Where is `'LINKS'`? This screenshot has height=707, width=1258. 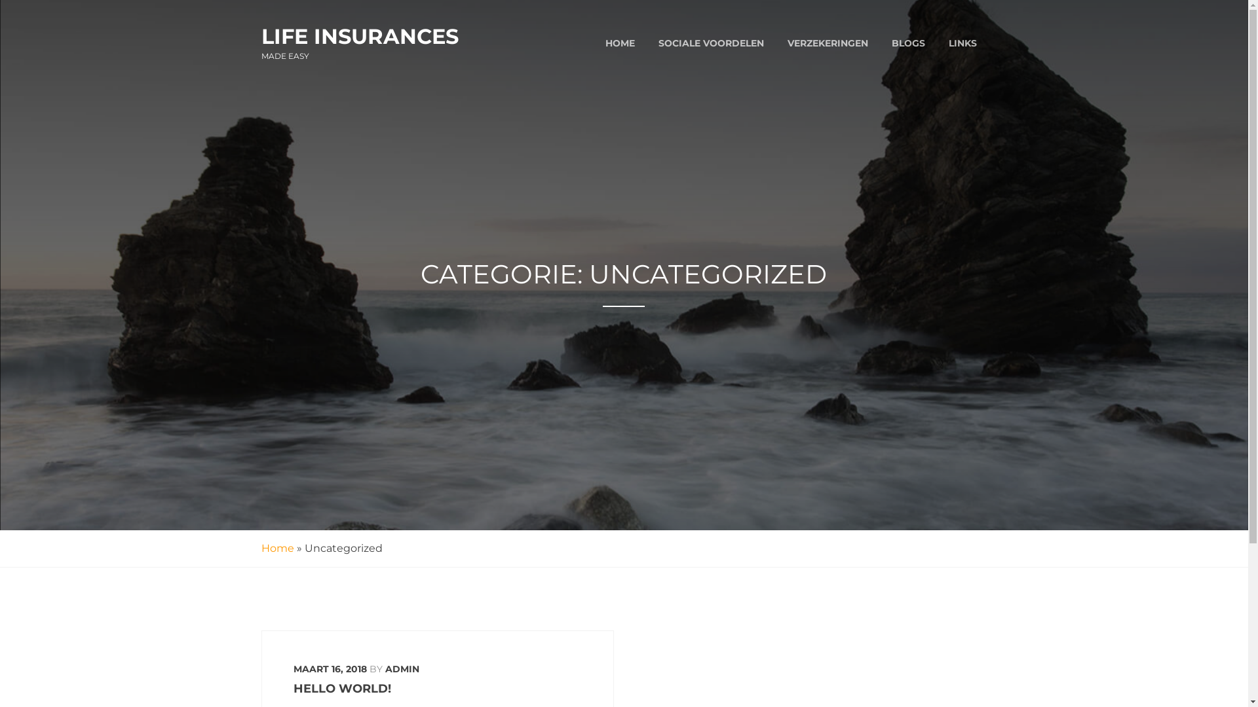
'LINKS' is located at coordinates (963, 43).